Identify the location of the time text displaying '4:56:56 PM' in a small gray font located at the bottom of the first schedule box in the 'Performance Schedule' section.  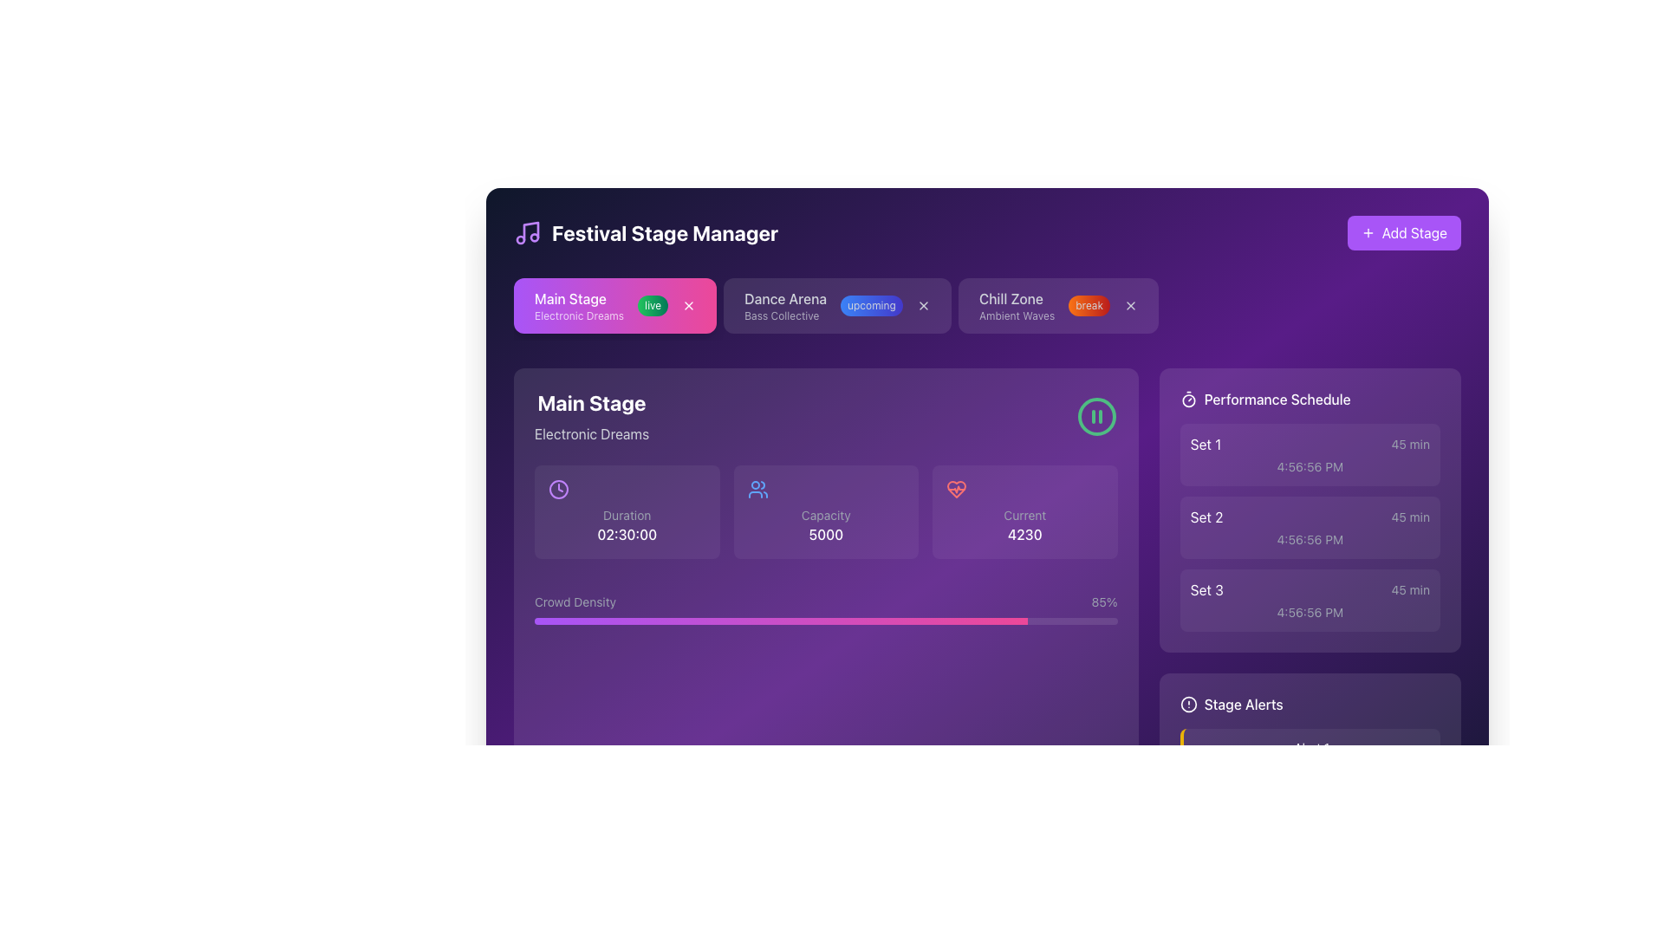
(1310, 466).